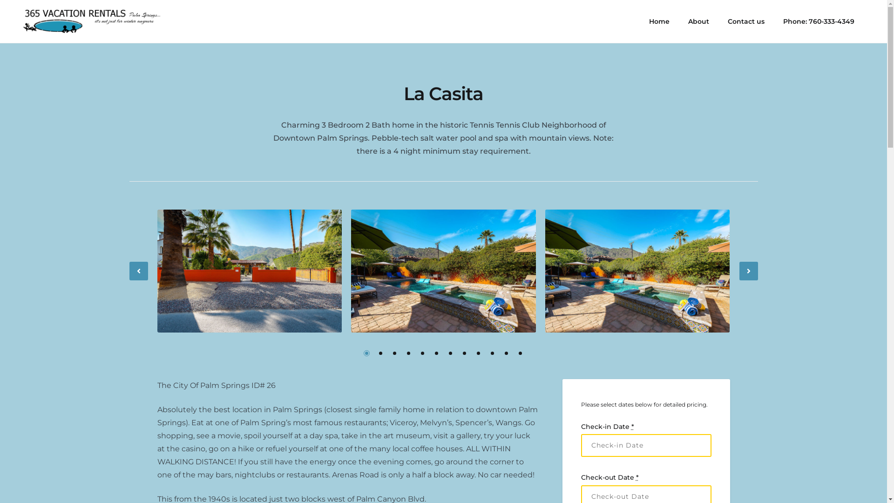  What do you see at coordinates (520, 353) in the screenshot?
I see `'12'` at bounding box center [520, 353].